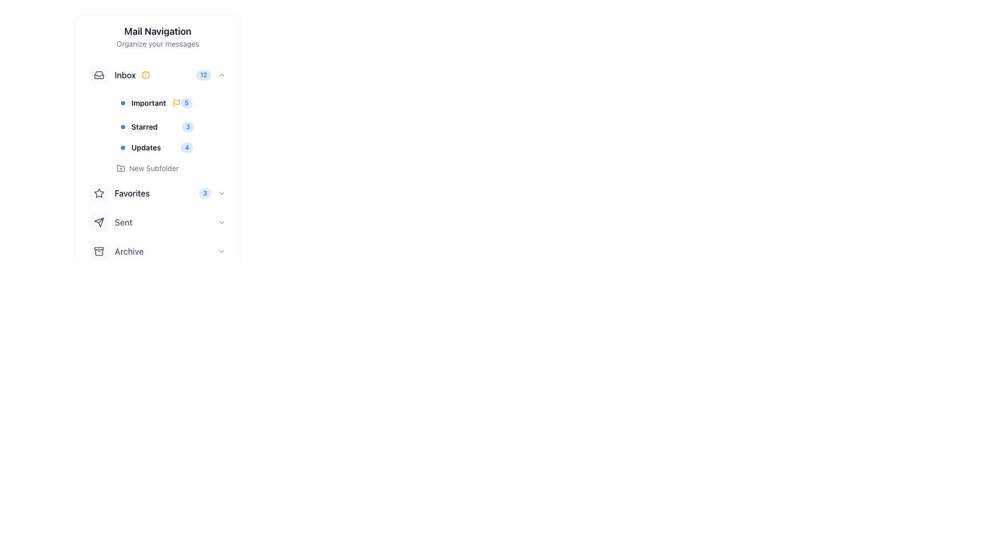 This screenshot has height=560, width=997. Describe the element at coordinates (210, 75) in the screenshot. I see `the interactive dropdown arrow on the Badge located on the right side of the 'Inbox' label in the Mail Navigation menu` at that location.